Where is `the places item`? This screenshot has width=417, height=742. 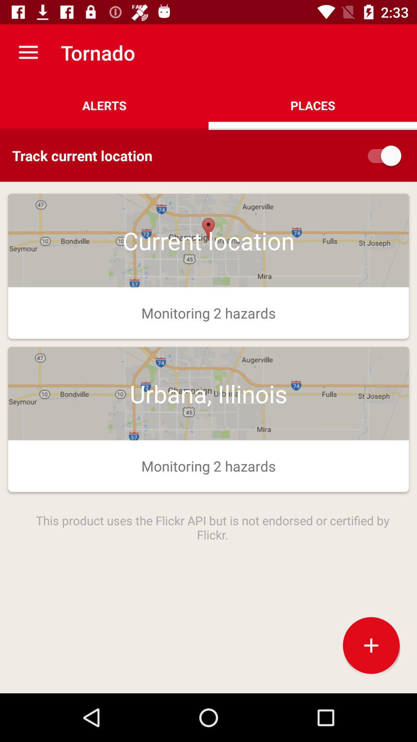 the places item is located at coordinates (313, 105).